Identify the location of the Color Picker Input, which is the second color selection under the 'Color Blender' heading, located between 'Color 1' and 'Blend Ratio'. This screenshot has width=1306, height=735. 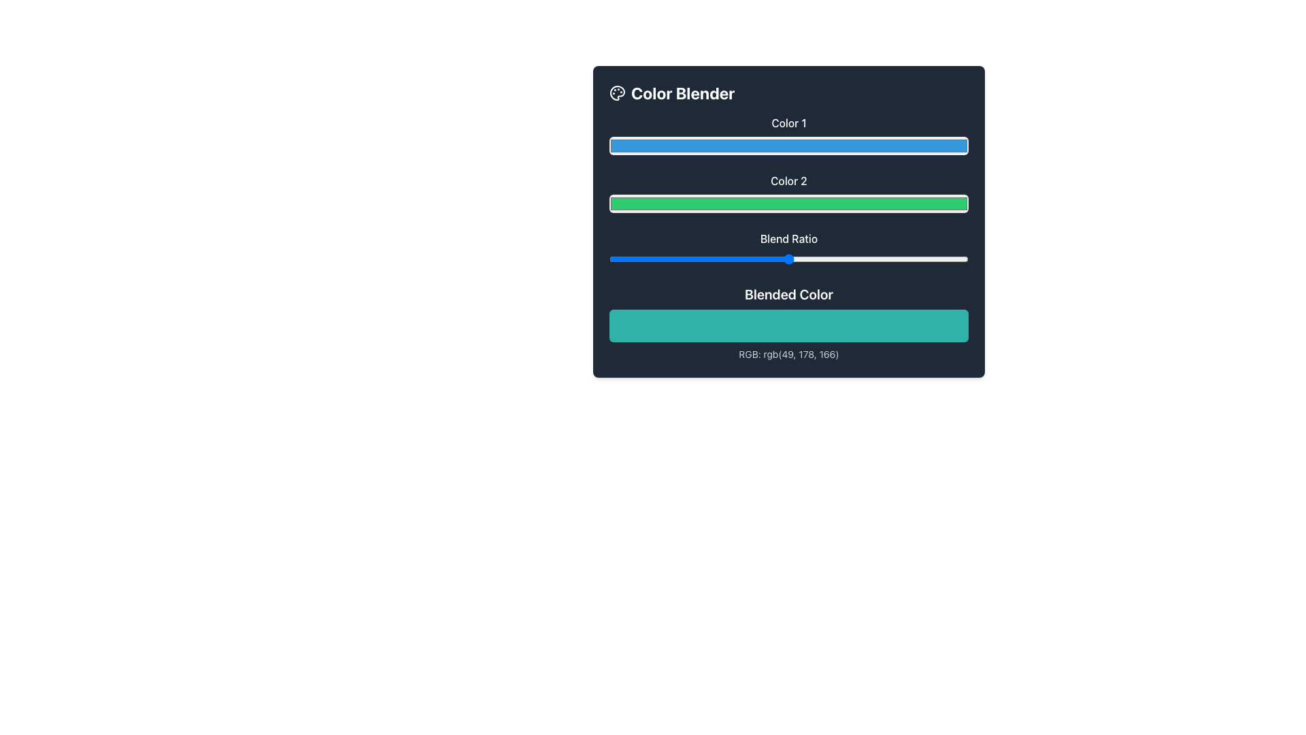
(789, 193).